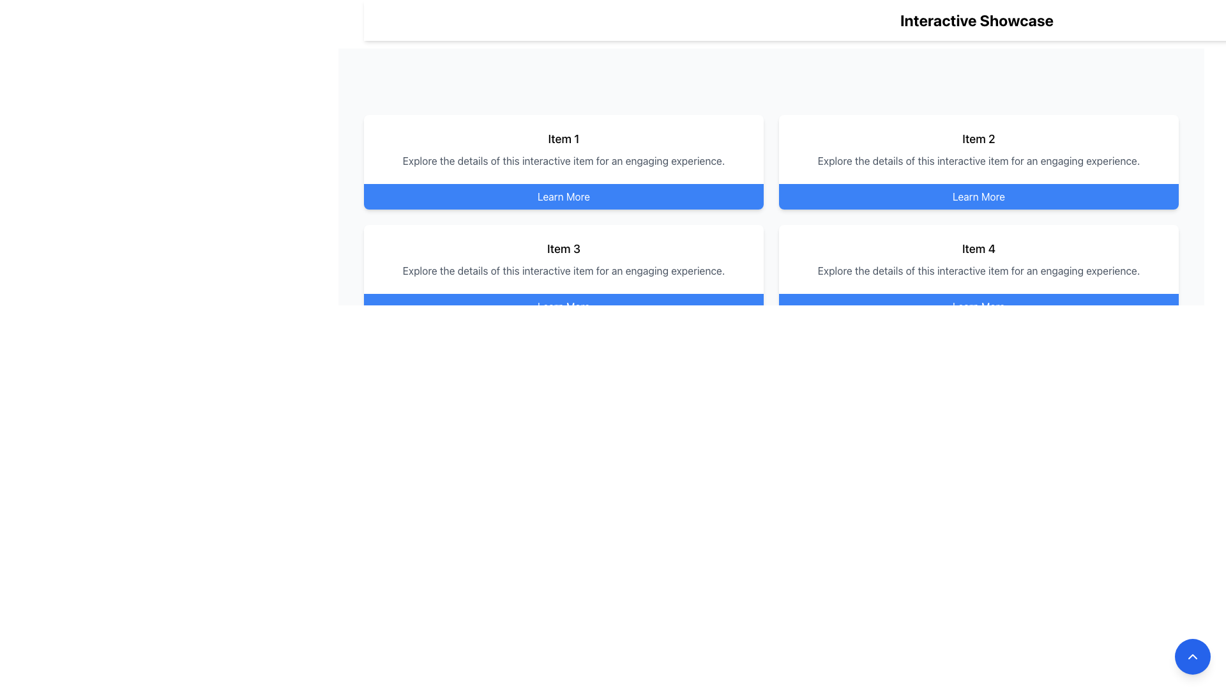 This screenshot has height=690, width=1226. I want to click on the informational text block that displays 'Item 4' in bold font, which is located in the leftmost position of the second row in a grid layout, so click(978, 259).